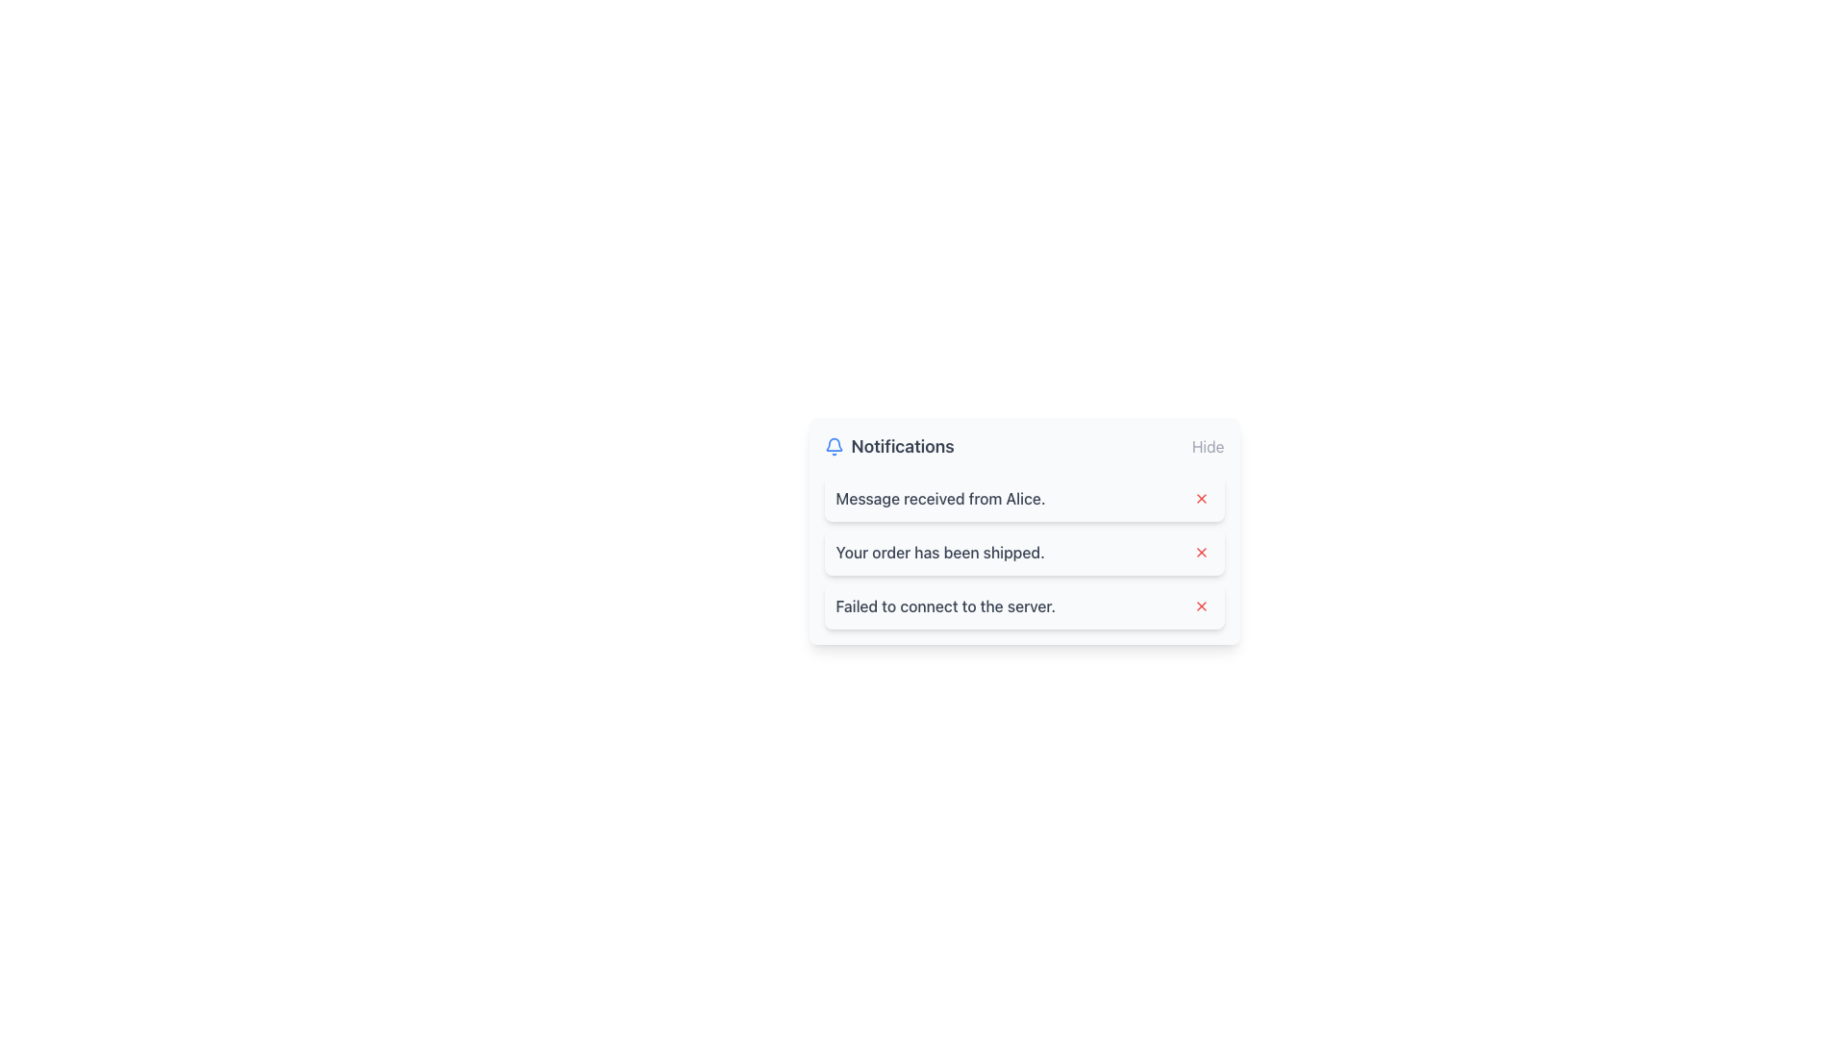 Image resolution: width=1846 pixels, height=1038 pixels. Describe the element at coordinates (940, 552) in the screenshot. I see `the text snippet reading 'Your order has been shipped.' located at the center of the second notification card in a floating notification panel` at that location.